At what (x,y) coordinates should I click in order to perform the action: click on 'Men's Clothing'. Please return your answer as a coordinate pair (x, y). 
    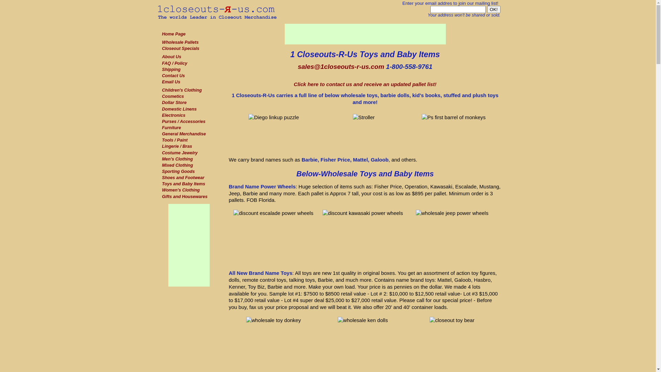
    Looking at the image, I should click on (177, 159).